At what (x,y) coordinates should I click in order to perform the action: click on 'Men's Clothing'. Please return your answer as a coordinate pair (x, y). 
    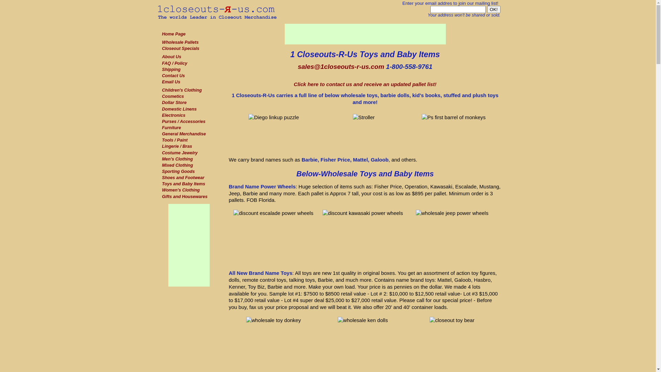
    Looking at the image, I should click on (177, 159).